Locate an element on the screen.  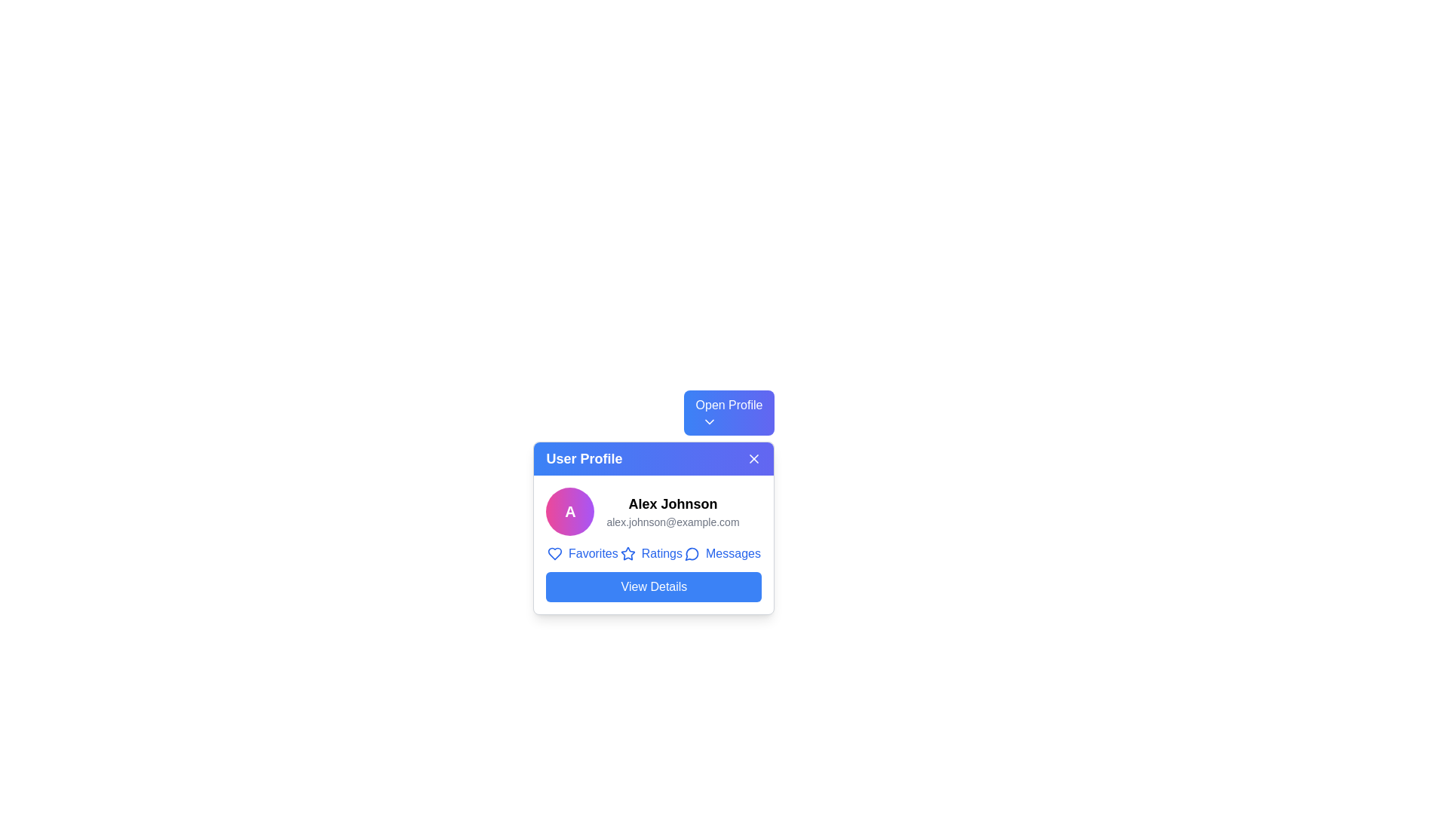
the interactive text label with an icon that navigates to the 'Favorites' section, located to the left of 'Ratings' and 'Messages' is located at coordinates (581, 554).